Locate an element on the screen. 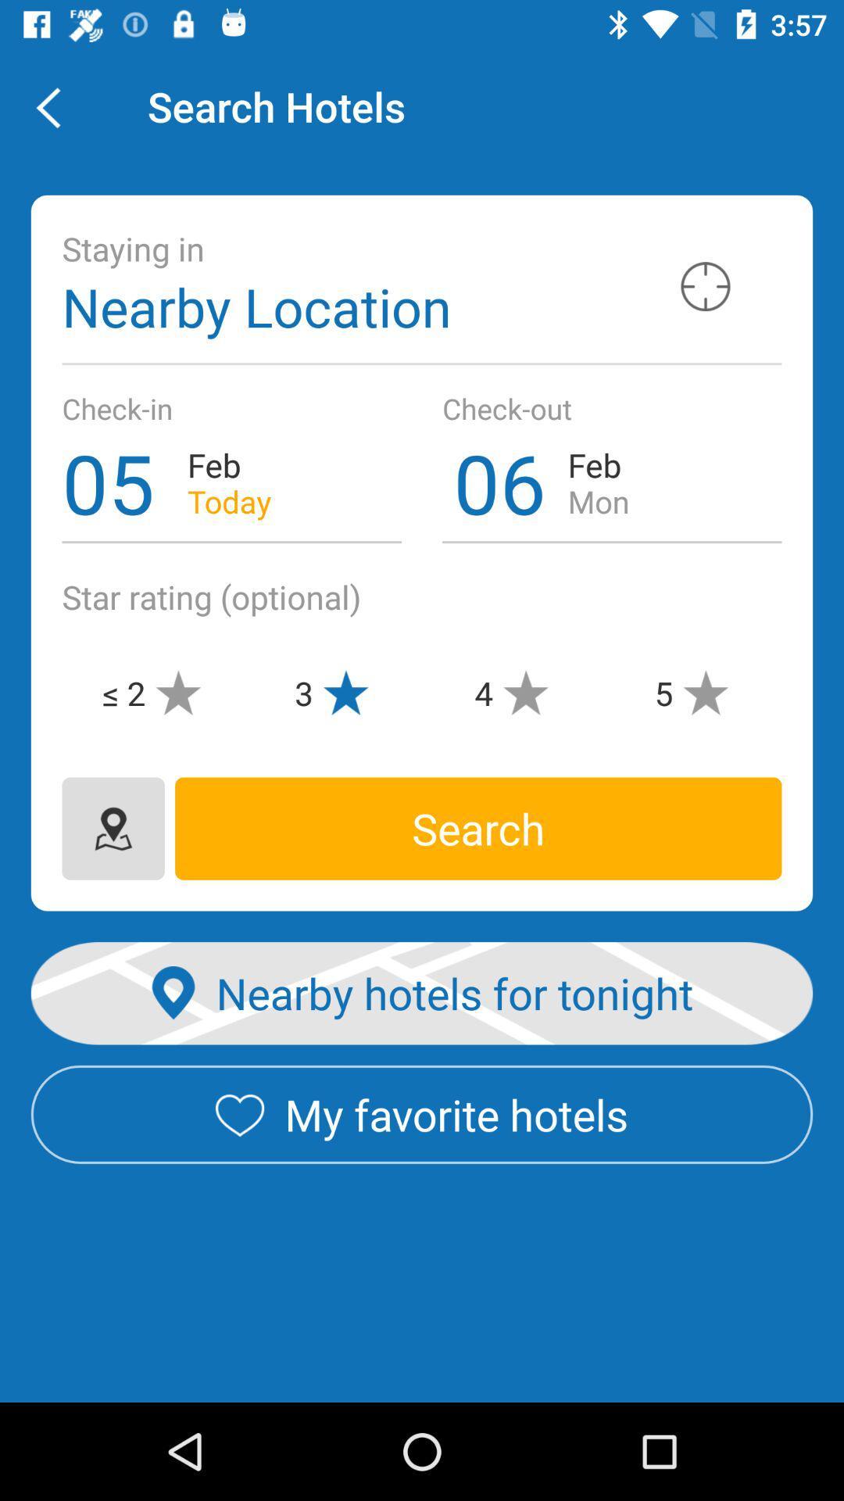 This screenshot has height=1501, width=844. a map icon with a pinpoint on top of it when pressed leads to a map of the location is located at coordinates (113, 828).